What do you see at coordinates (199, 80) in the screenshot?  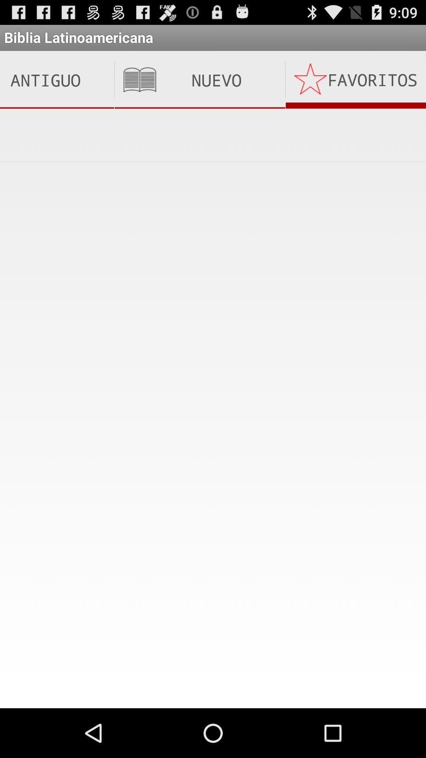 I see `item next to the favoritos` at bounding box center [199, 80].